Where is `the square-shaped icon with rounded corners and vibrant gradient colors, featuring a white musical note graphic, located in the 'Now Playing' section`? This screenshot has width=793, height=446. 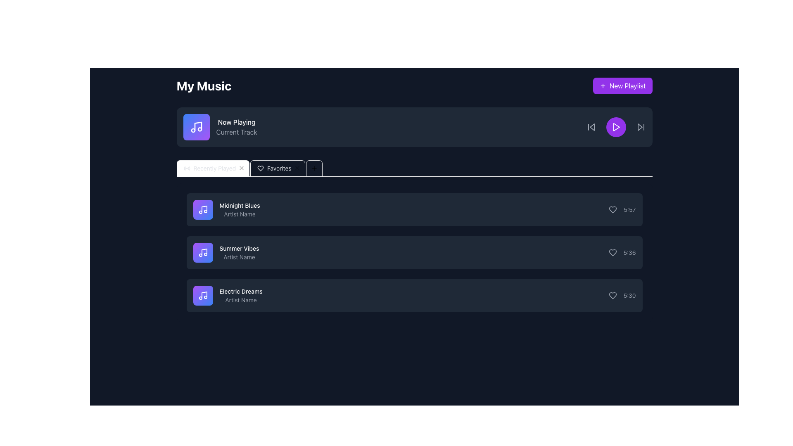 the square-shaped icon with rounded corners and vibrant gradient colors, featuring a white musical note graphic, located in the 'Now Playing' section is located at coordinates (196, 127).